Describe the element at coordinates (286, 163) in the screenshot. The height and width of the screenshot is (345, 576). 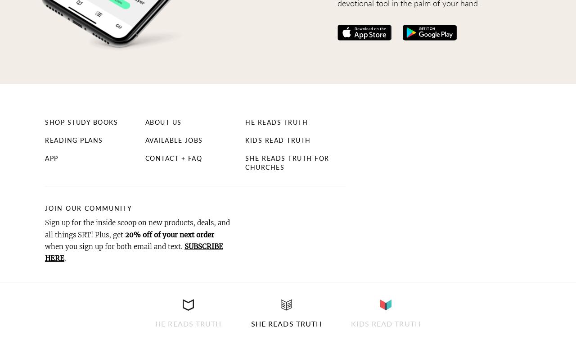
I see `'She Reads Truth for Churches'` at that location.